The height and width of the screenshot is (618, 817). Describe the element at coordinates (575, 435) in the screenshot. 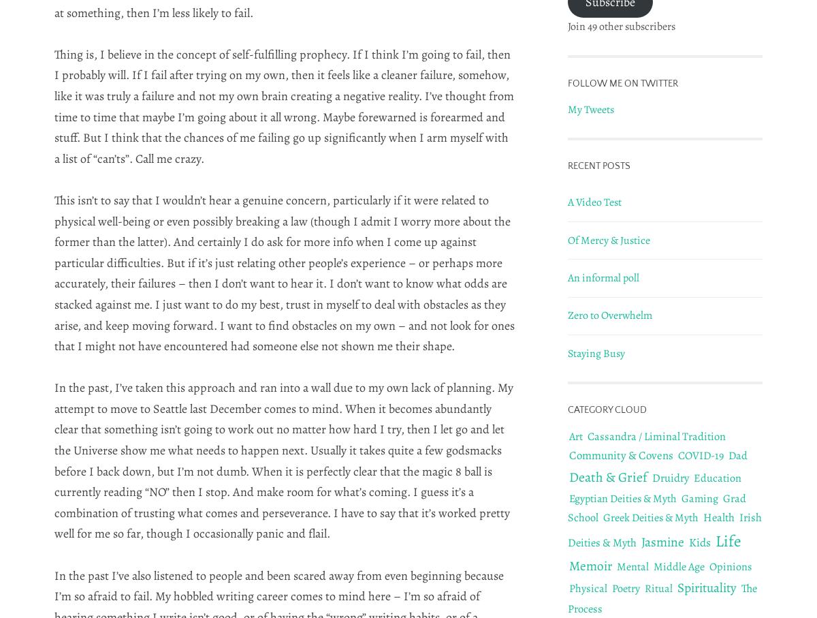

I see `'Art'` at that location.